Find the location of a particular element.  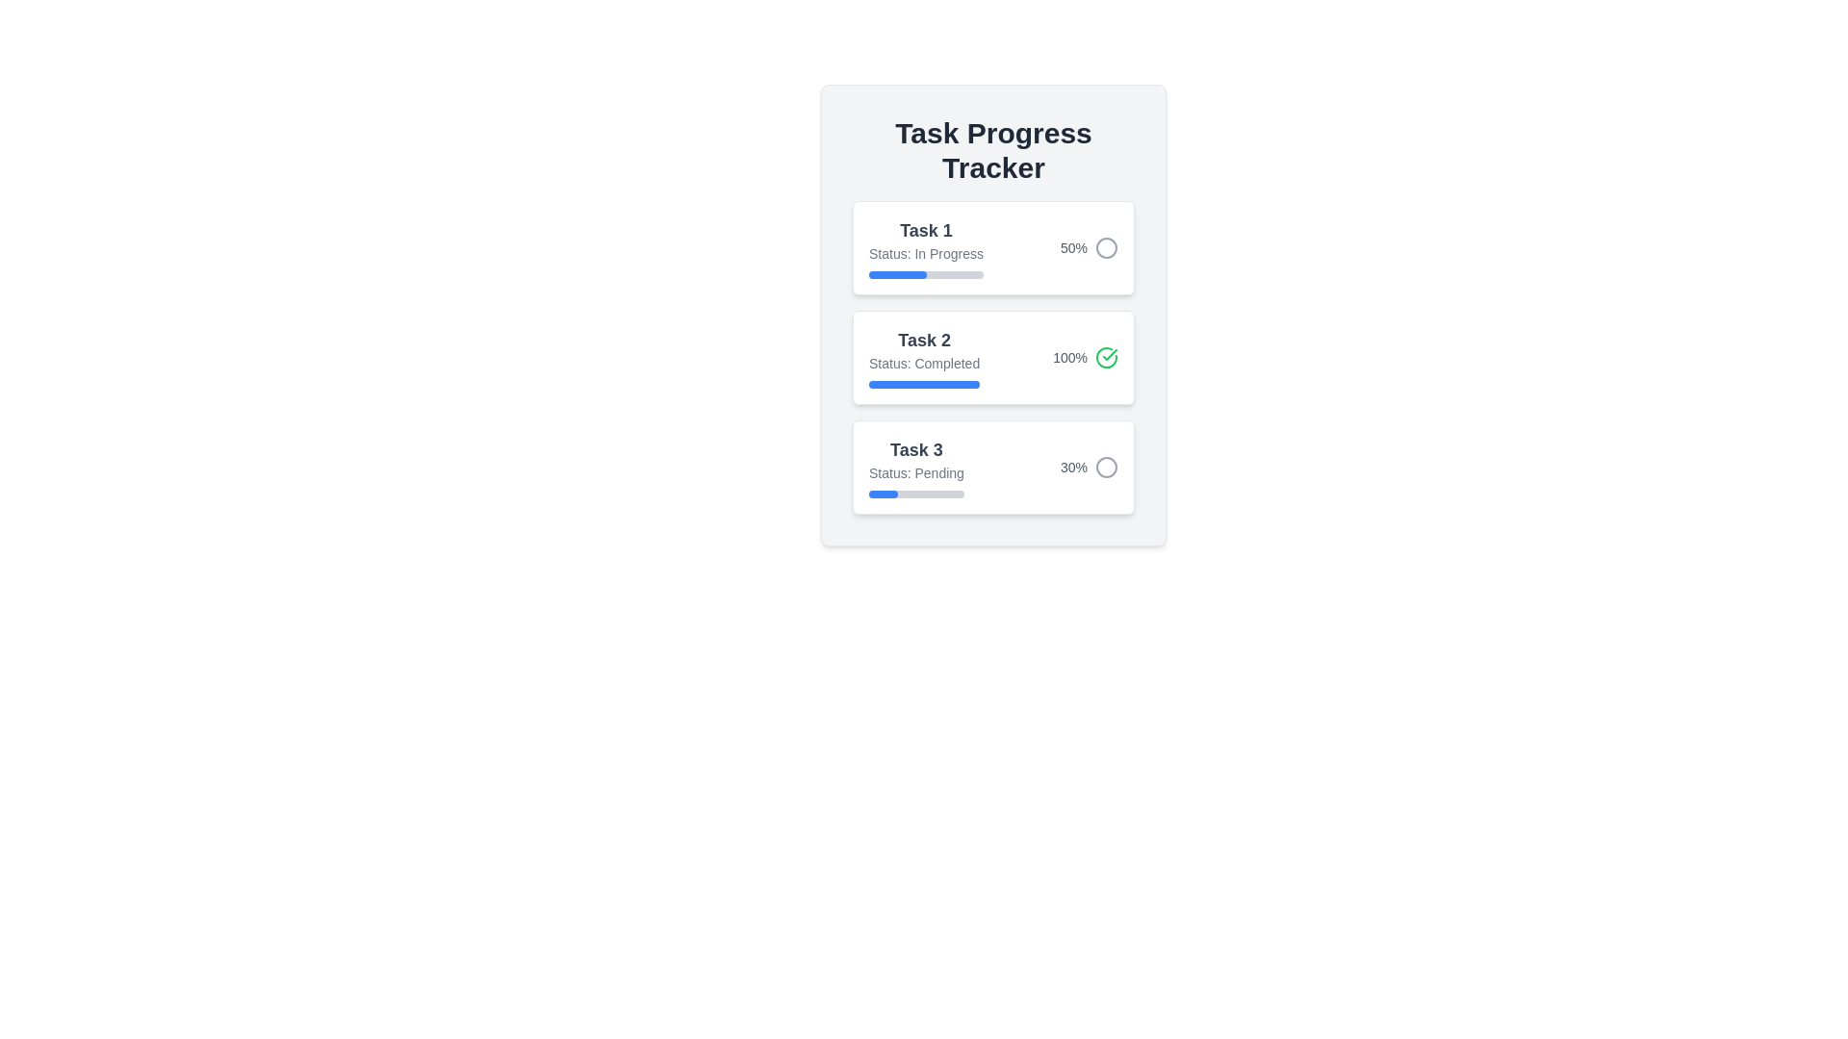

the text label displaying 'Status: Completed', which is located under the main title 'Task 2' in a card-like structure is located at coordinates (924, 364).